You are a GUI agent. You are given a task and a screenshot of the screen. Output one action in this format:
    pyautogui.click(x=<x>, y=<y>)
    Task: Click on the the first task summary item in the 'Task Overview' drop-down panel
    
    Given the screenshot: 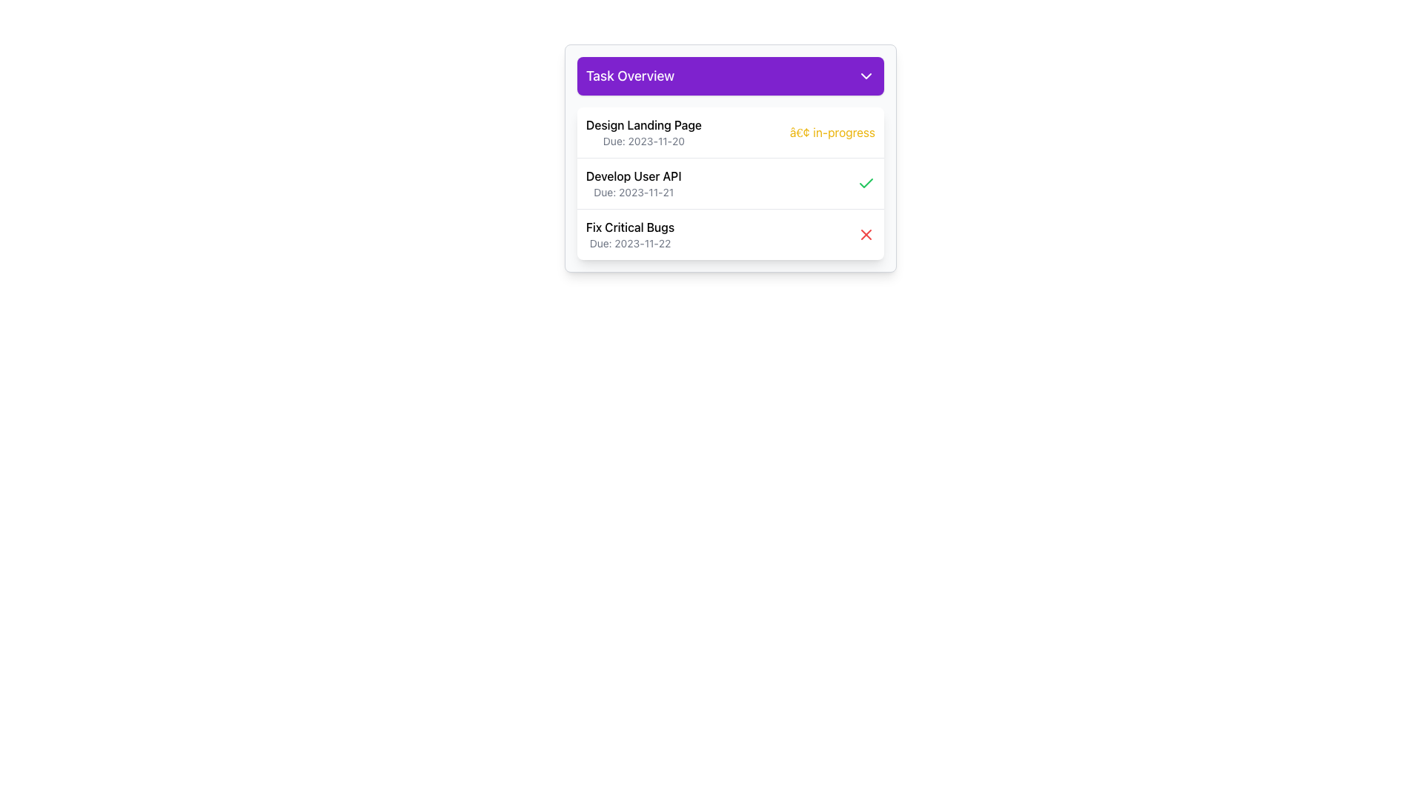 What is the action you would take?
    pyautogui.click(x=730, y=131)
    